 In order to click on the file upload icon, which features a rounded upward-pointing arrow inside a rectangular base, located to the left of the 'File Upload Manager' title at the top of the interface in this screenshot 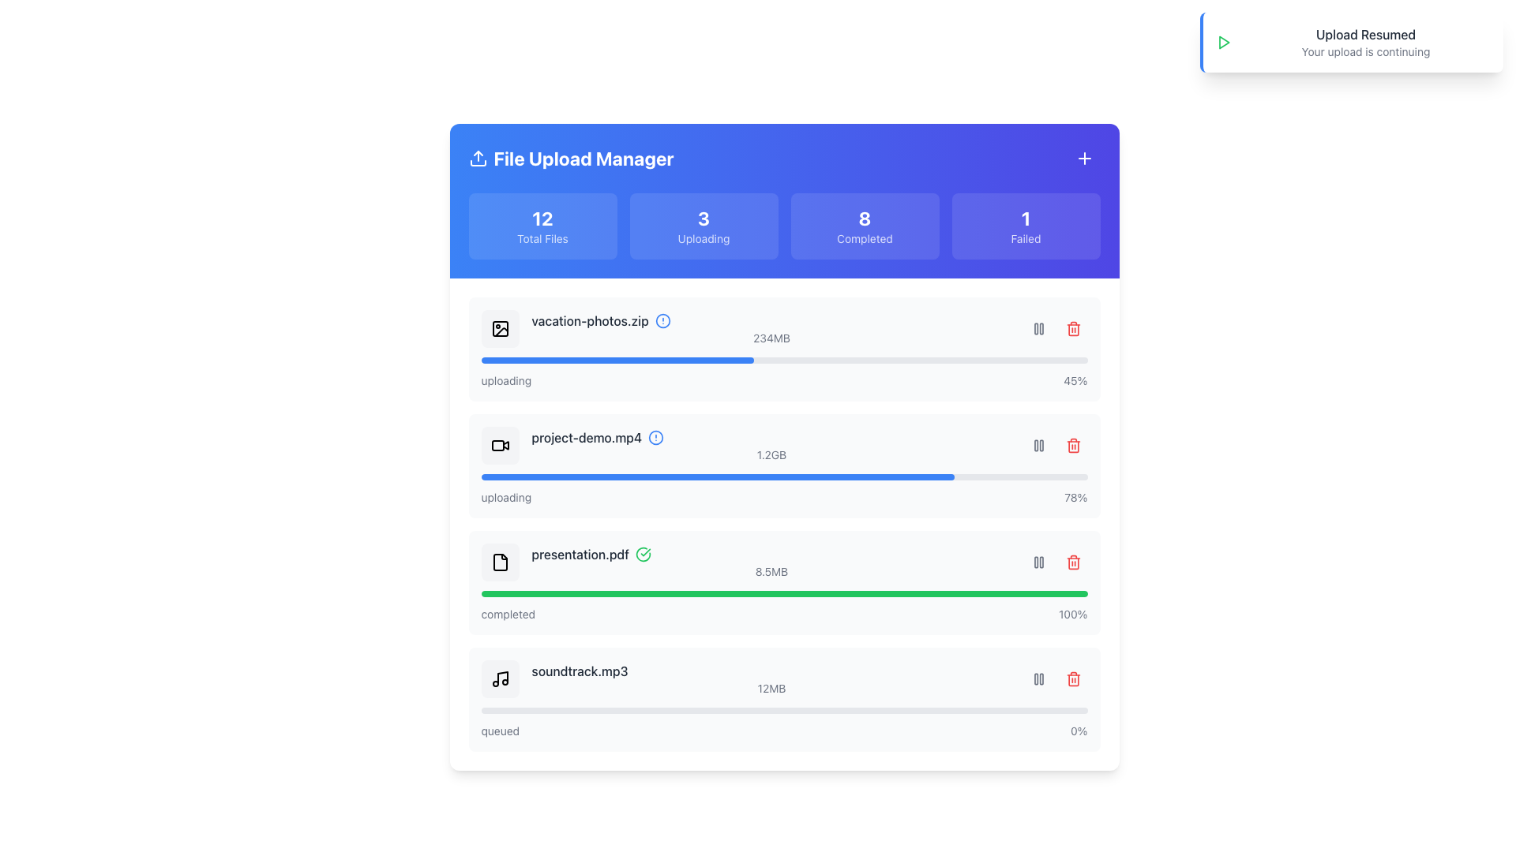, I will do `click(477, 158)`.